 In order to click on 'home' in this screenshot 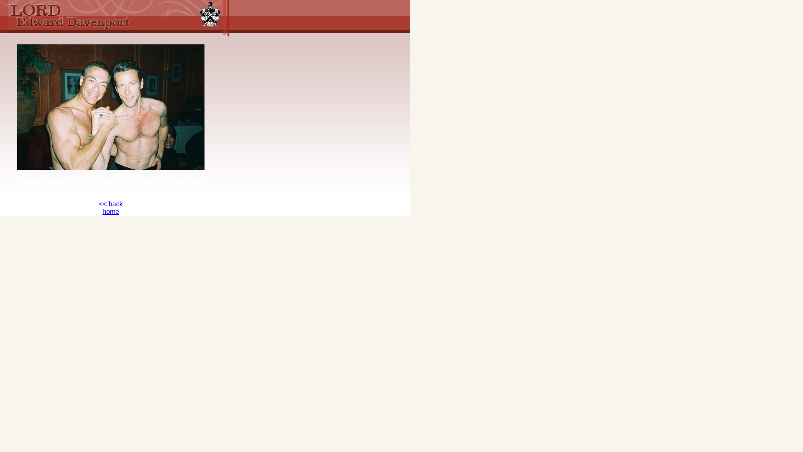, I will do `click(102, 211)`.